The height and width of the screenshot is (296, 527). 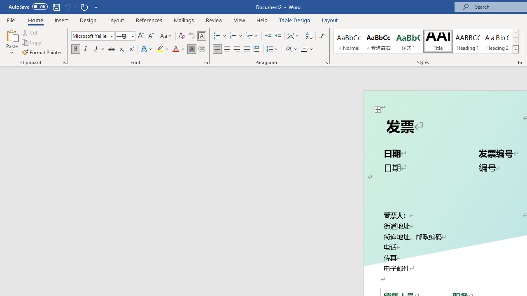 I want to click on 'Mailings', so click(x=184, y=20).